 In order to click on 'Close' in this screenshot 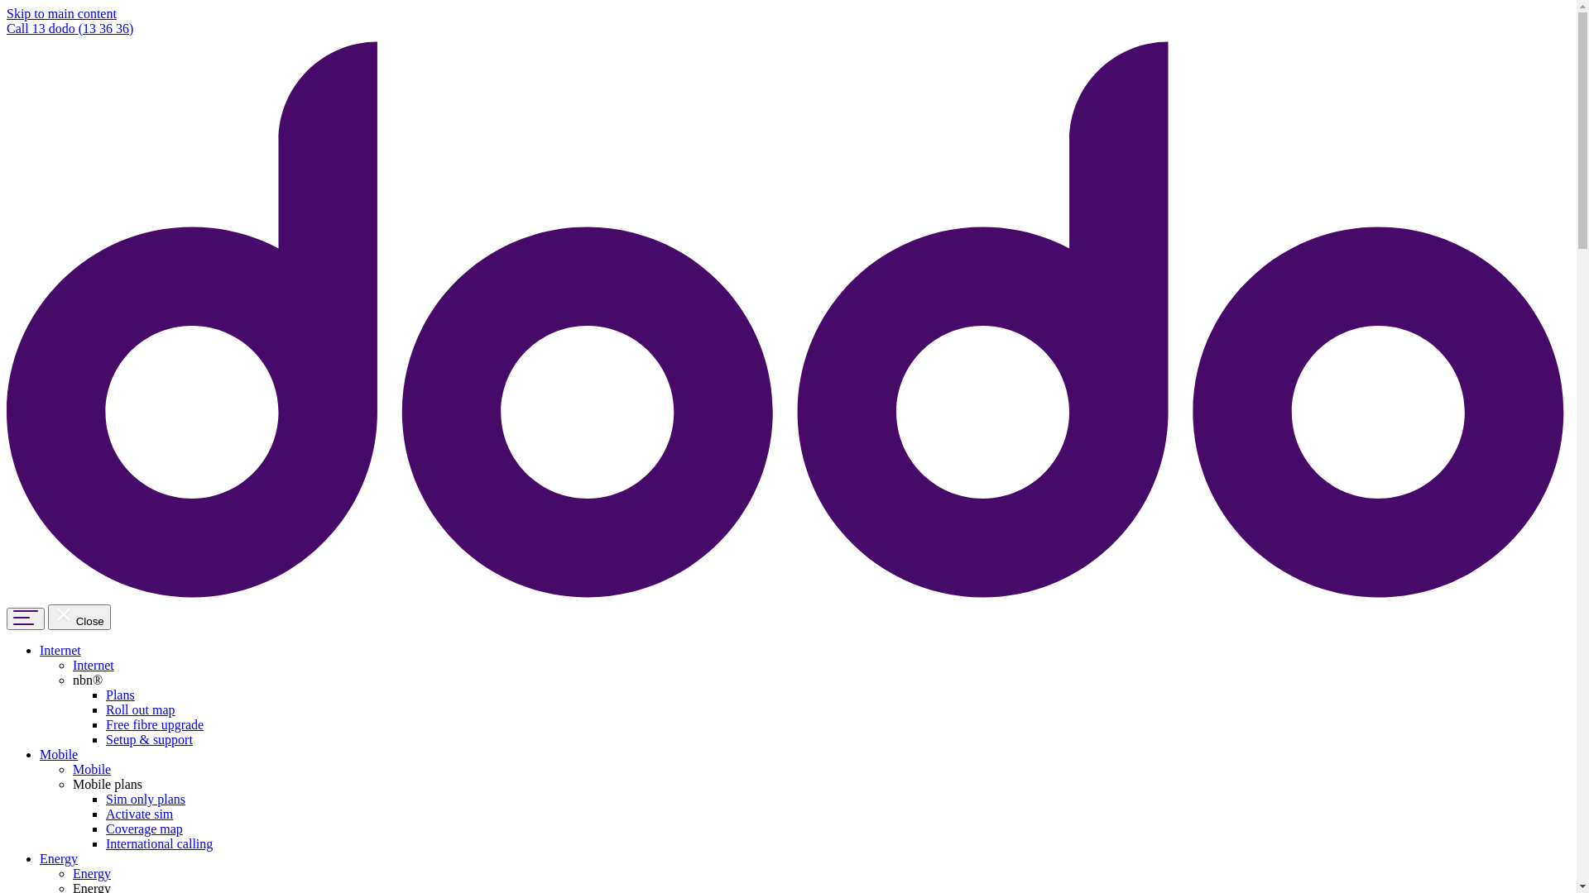, I will do `click(47, 617)`.